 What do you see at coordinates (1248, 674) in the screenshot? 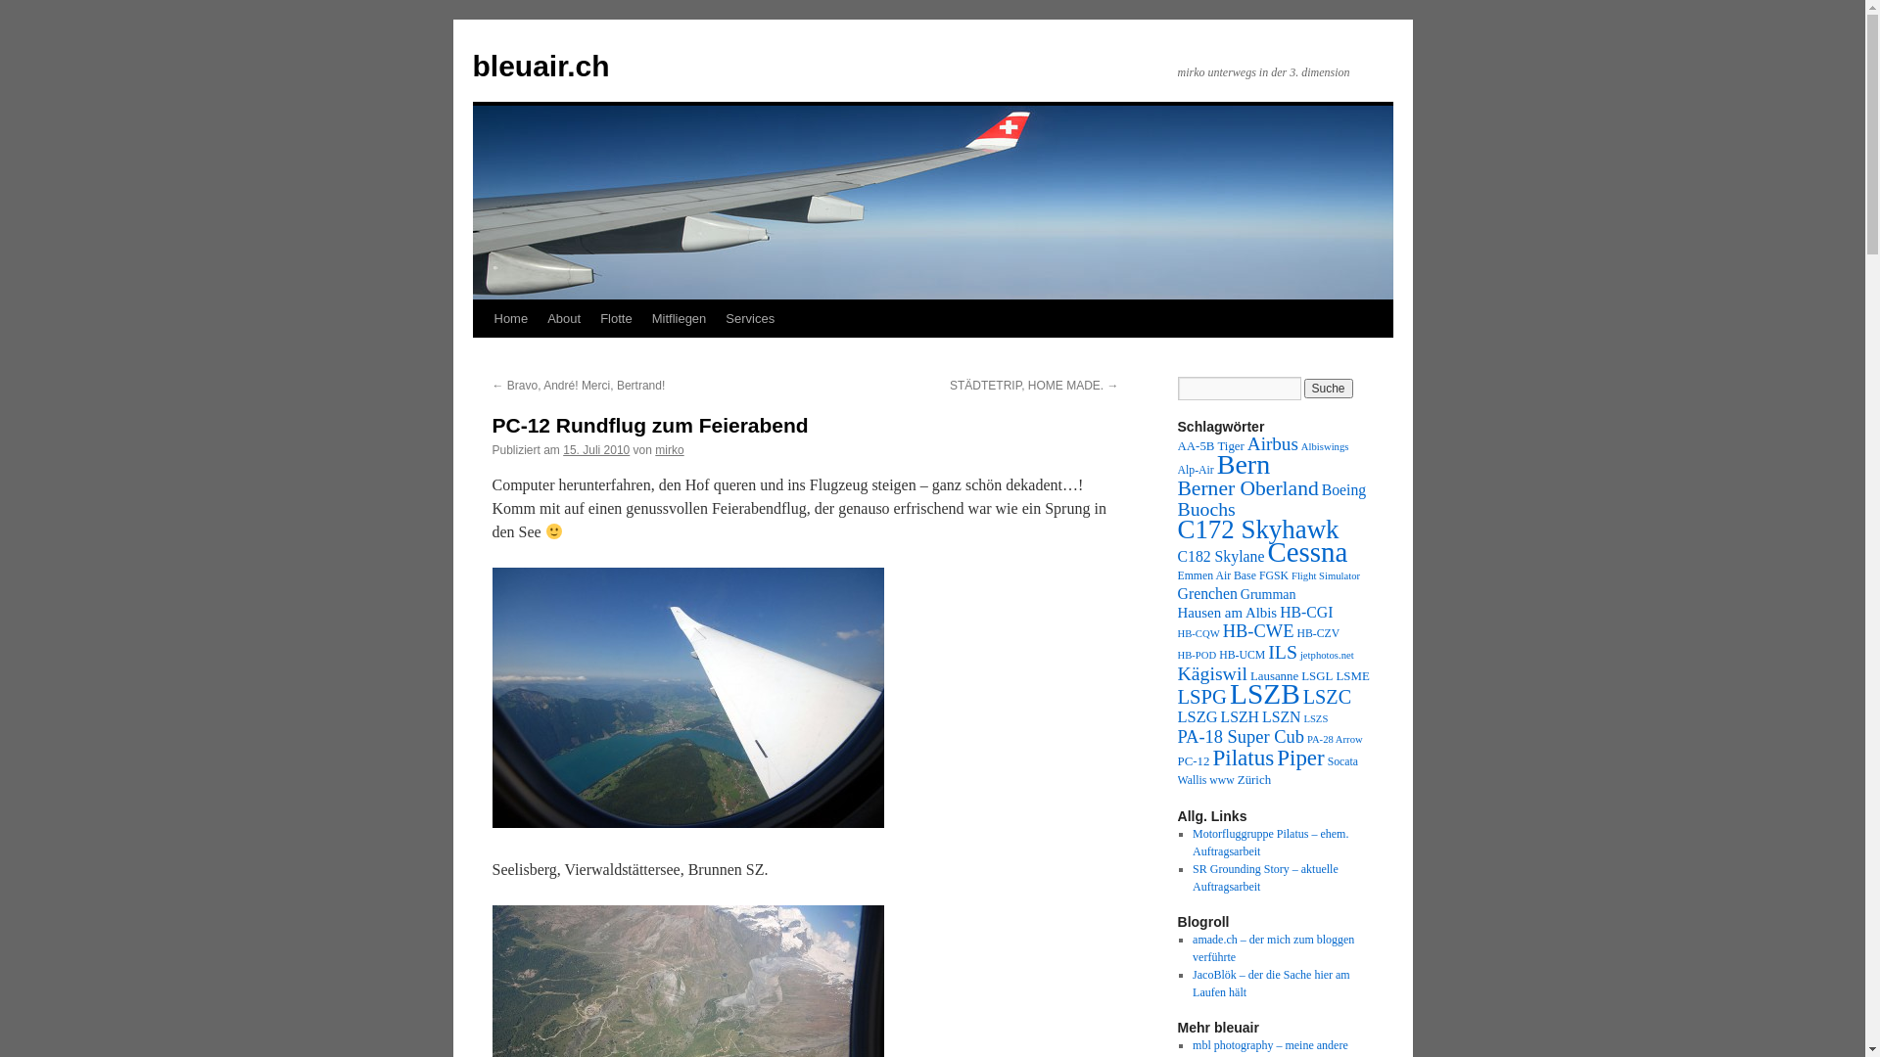
I see `'Lausanne'` at bounding box center [1248, 674].